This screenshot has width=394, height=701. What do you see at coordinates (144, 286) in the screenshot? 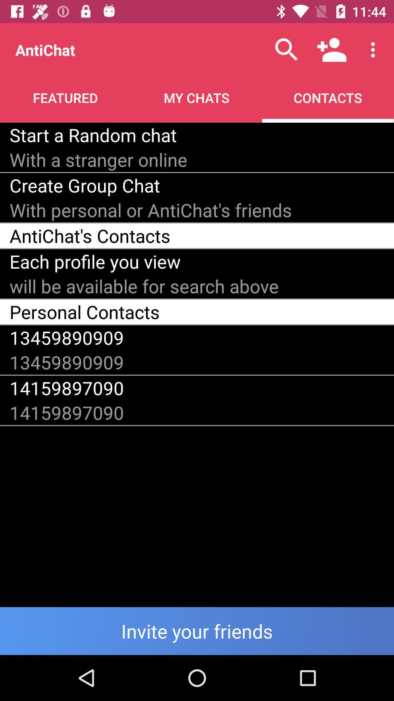
I see `the icon below each profile you` at bounding box center [144, 286].